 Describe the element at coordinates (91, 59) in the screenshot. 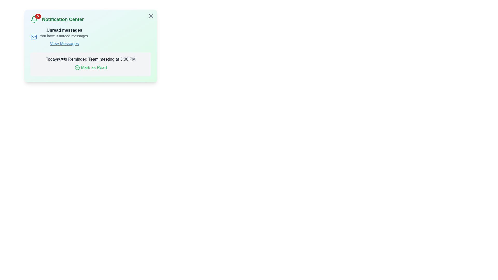

I see `the text display reading 'Today’s Reminder: Team meeting at 3:00 PM' which is located within a notification card, above the 'Mark as Read' link` at that location.